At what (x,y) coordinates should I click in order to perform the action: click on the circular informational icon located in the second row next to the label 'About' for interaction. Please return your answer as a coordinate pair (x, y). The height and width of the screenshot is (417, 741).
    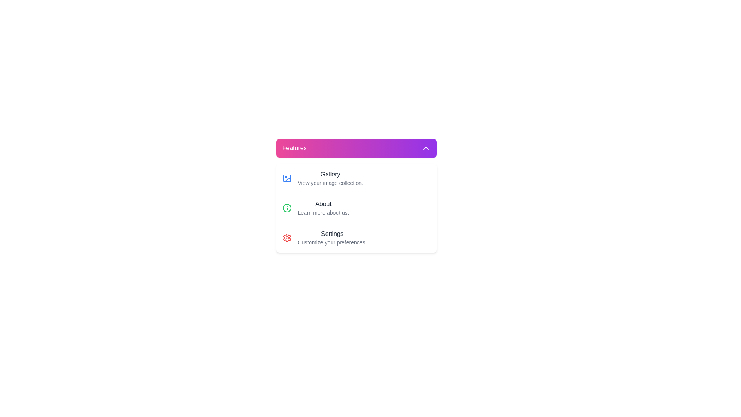
    Looking at the image, I should click on (286, 208).